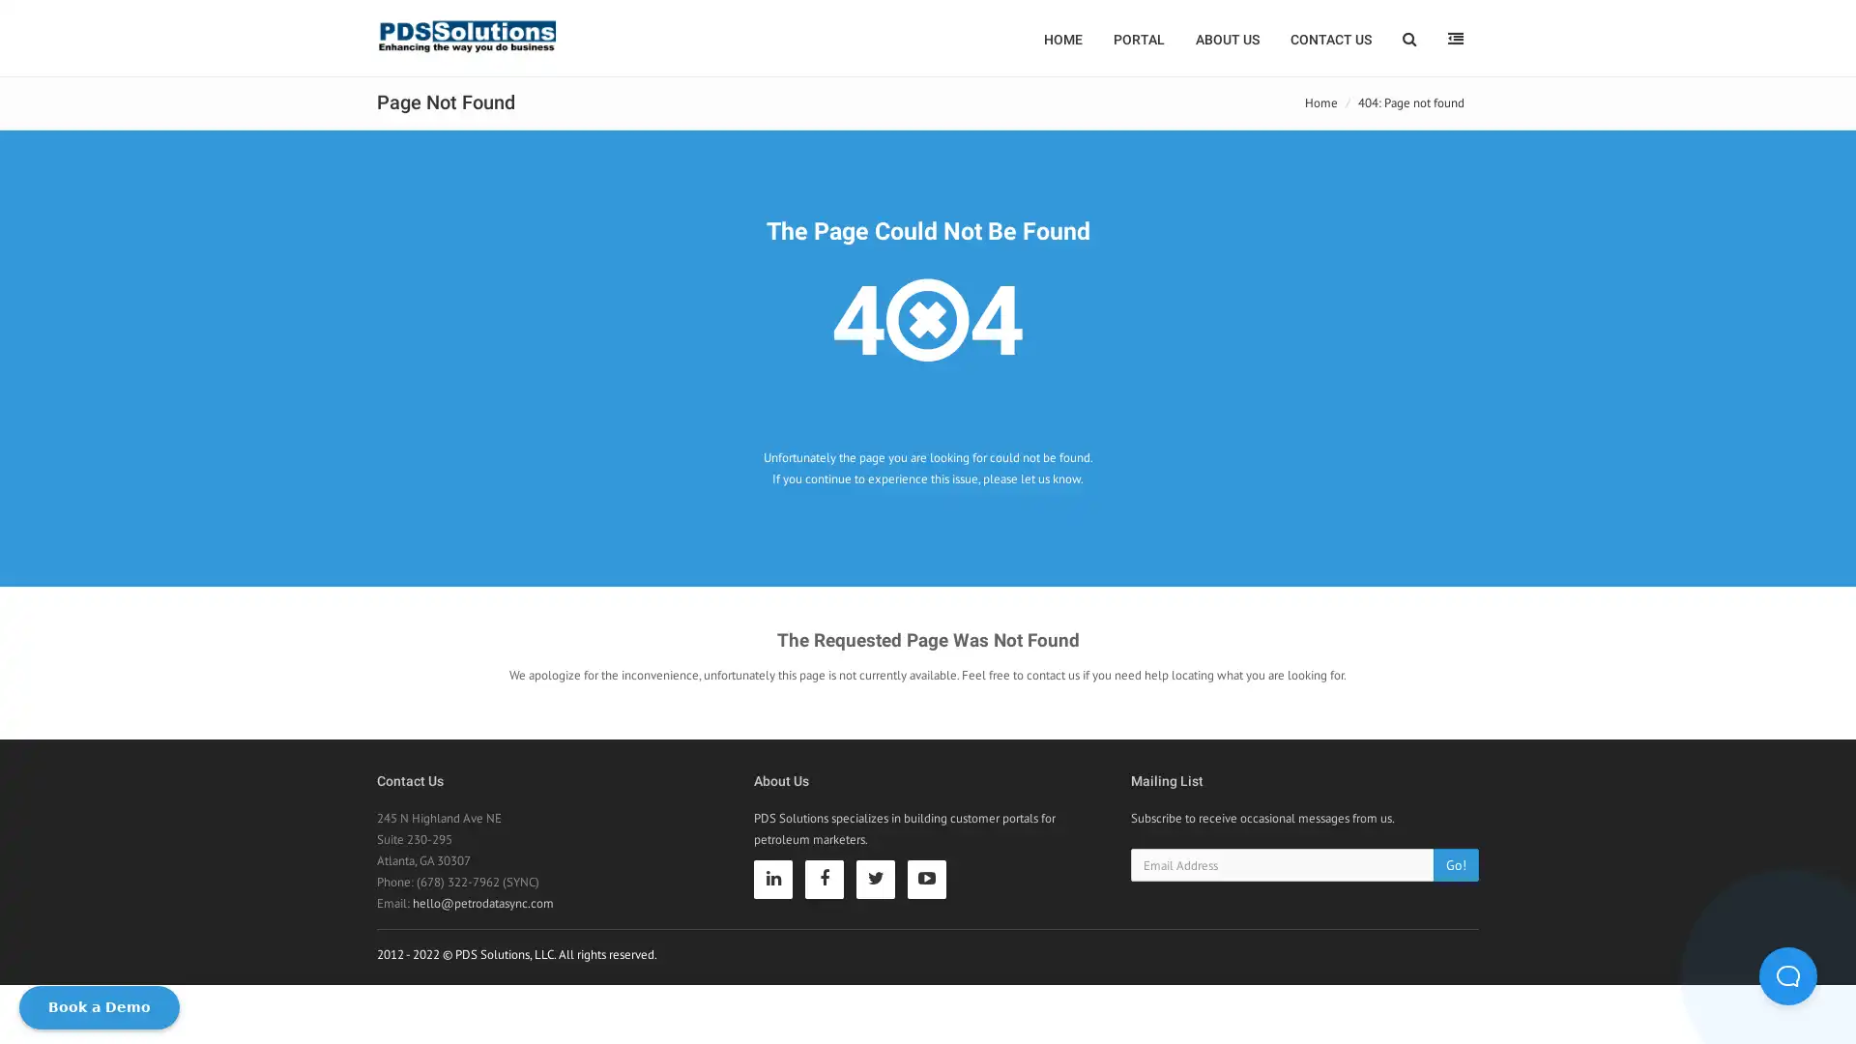  I want to click on Go!, so click(1456, 863).